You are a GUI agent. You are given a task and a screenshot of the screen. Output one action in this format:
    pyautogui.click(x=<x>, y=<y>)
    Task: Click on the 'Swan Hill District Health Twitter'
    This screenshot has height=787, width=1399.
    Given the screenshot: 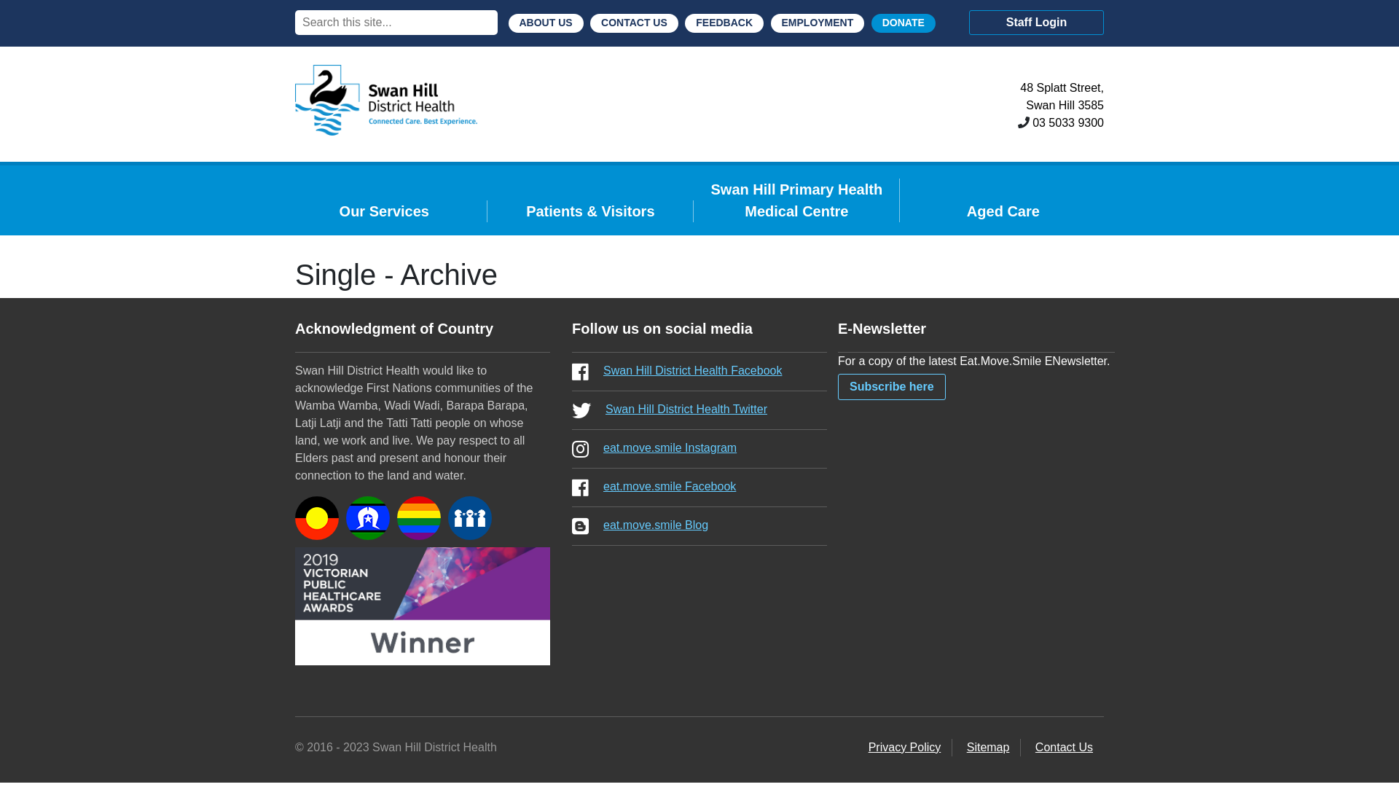 What is the action you would take?
    pyautogui.click(x=699, y=410)
    